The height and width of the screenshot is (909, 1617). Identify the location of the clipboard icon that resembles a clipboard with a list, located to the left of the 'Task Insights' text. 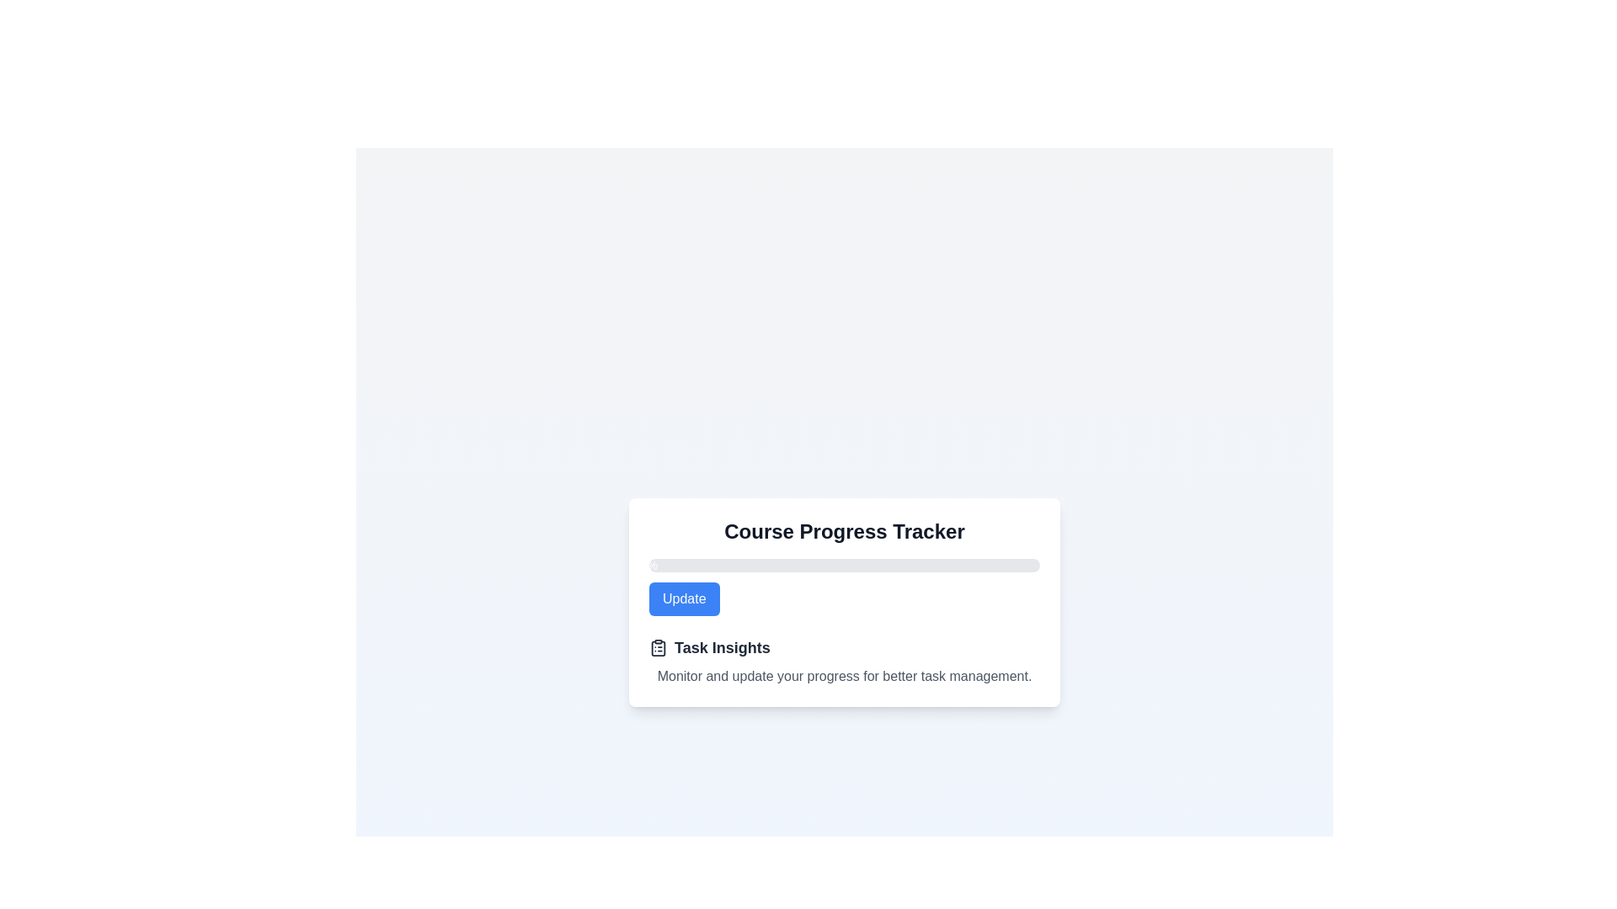
(658, 647).